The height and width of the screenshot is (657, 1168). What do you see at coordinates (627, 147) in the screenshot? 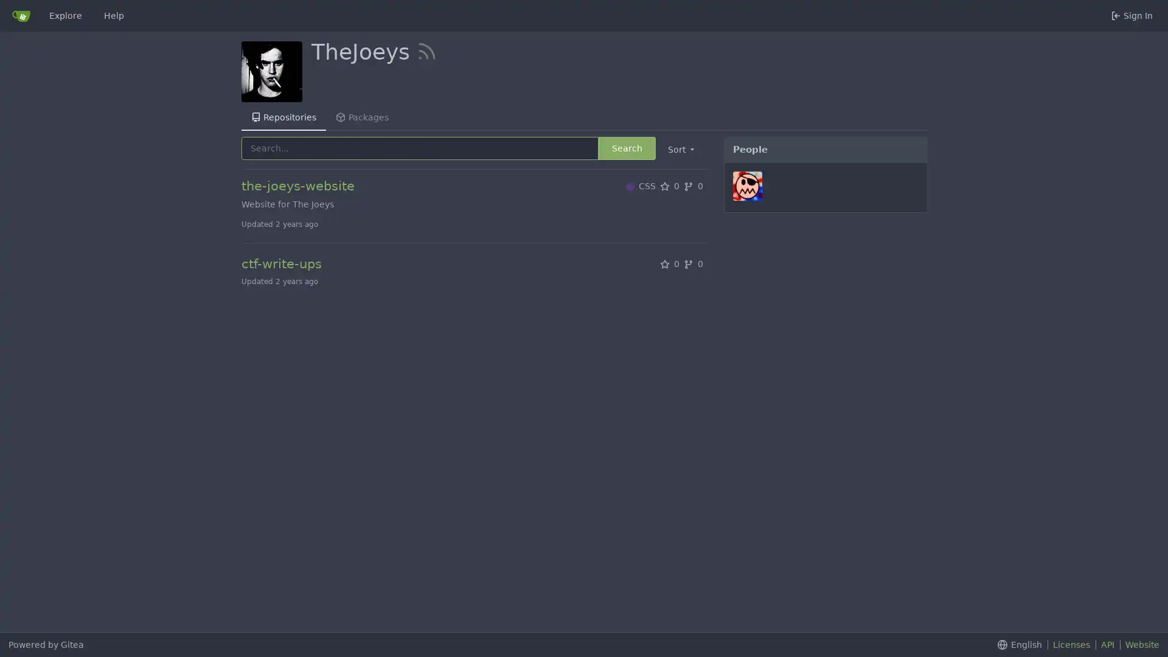
I see `Search` at bounding box center [627, 147].